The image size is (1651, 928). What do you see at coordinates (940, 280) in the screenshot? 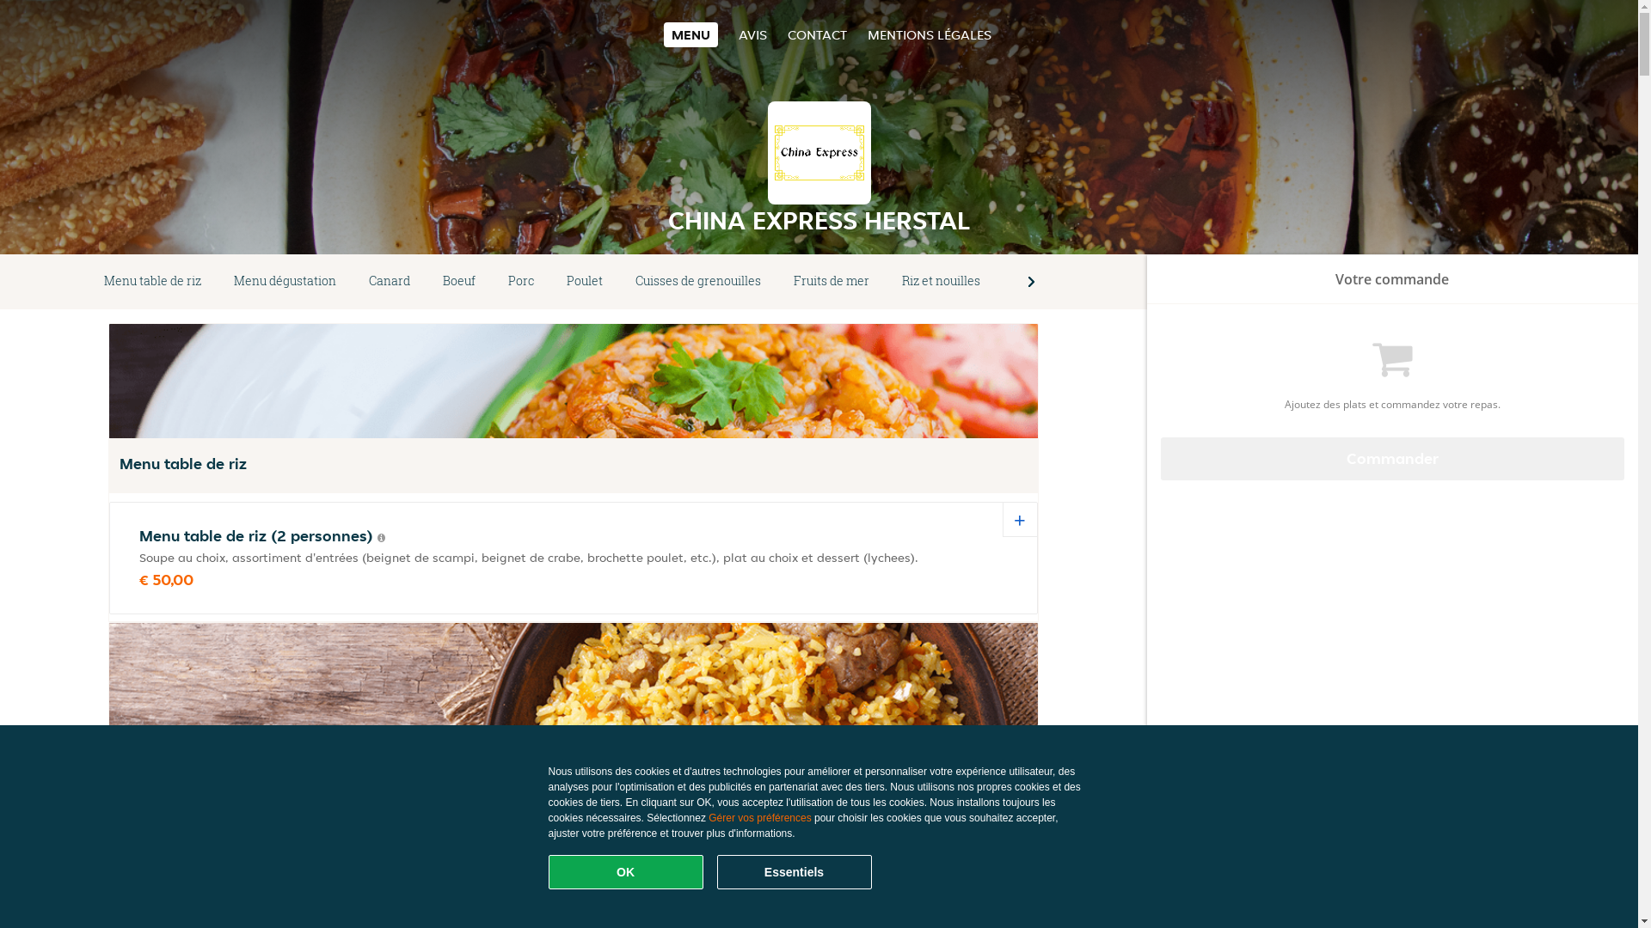
I see `'Riz et nouilles'` at bounding box center [940, 280].